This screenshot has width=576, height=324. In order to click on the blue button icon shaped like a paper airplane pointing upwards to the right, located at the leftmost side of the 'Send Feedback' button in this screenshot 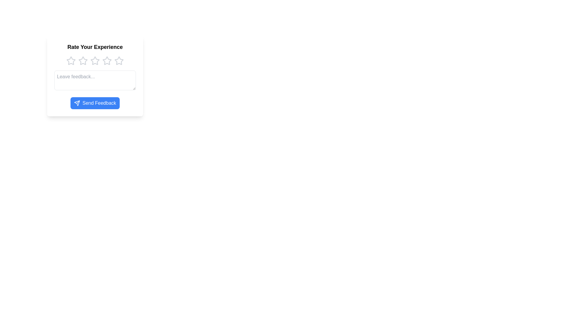, I will do `click(76, 103)`.